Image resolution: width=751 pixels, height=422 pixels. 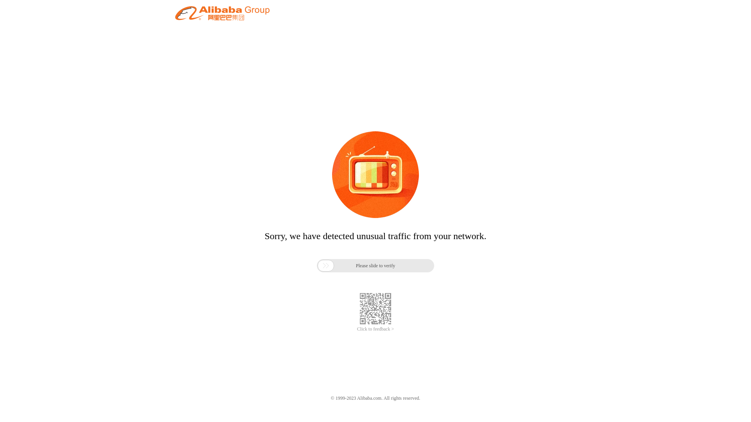 I want to click on 'Click to feedback >', so click(x=375, y=329).